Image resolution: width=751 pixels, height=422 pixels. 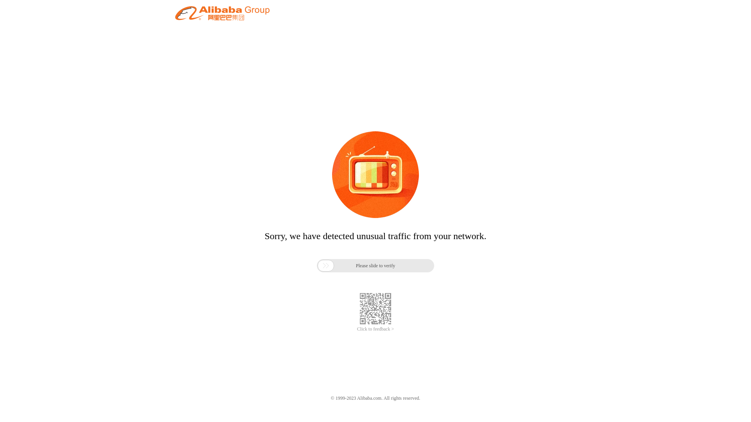 I want to click on 'Click to feedback >', so click(x=375, y=329).